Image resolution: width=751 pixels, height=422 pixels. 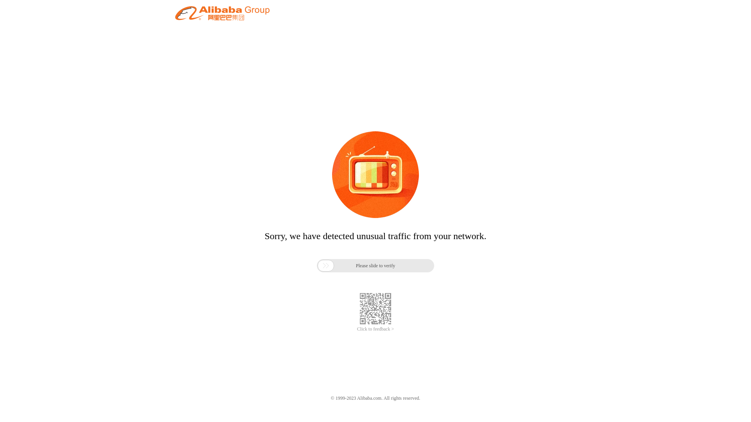 I want to click on 'Click to feedback >', so click(x=375, y=329).